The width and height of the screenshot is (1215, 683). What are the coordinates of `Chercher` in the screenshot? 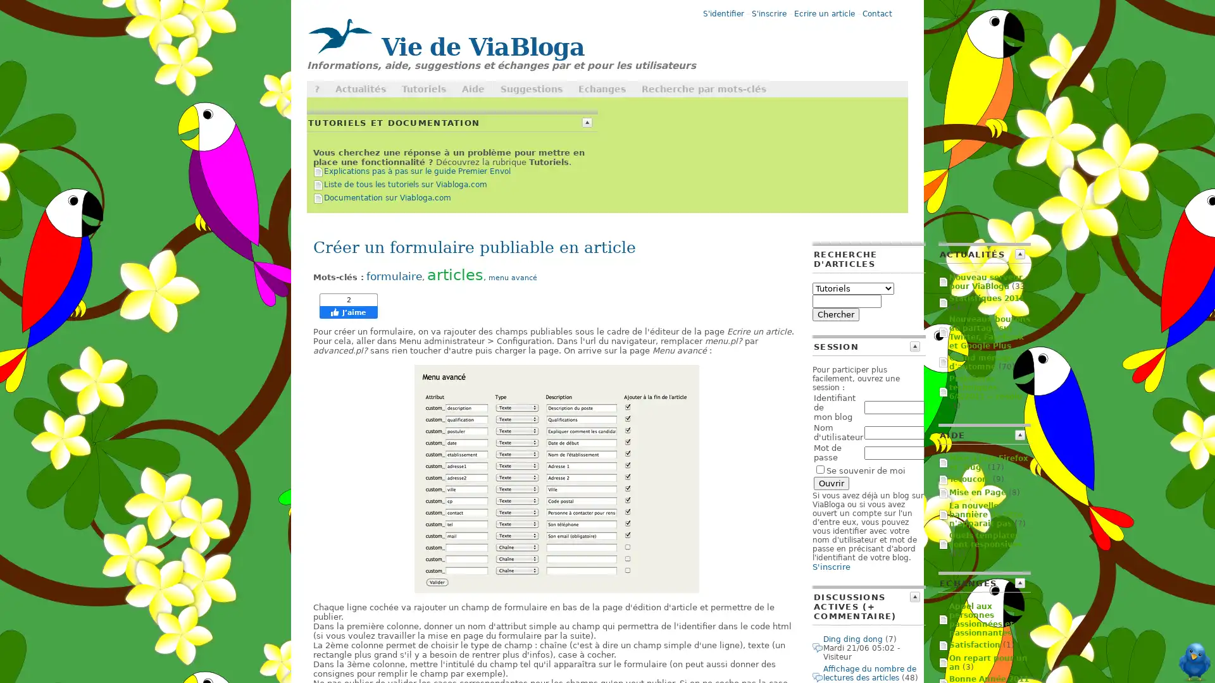 It's located at (835, 314).